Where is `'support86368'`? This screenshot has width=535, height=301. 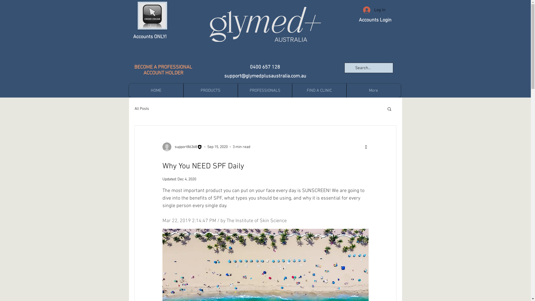 'support86368' is located at coordinates (182, 147).